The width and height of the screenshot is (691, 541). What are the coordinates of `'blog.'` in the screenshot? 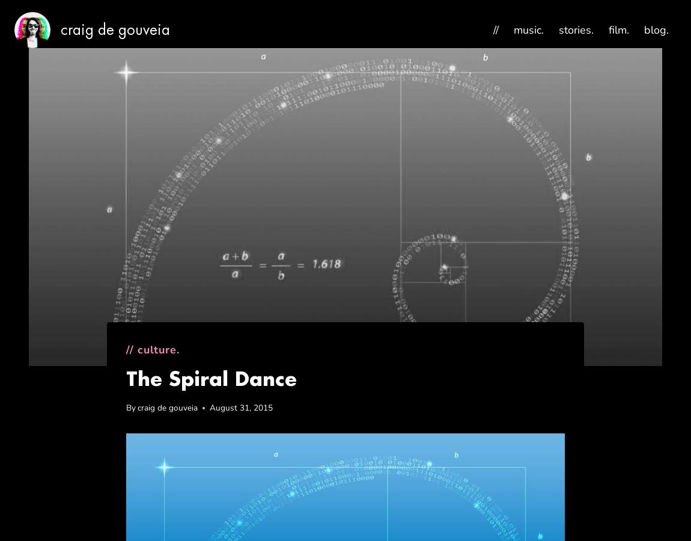 It's located at (656, 28).